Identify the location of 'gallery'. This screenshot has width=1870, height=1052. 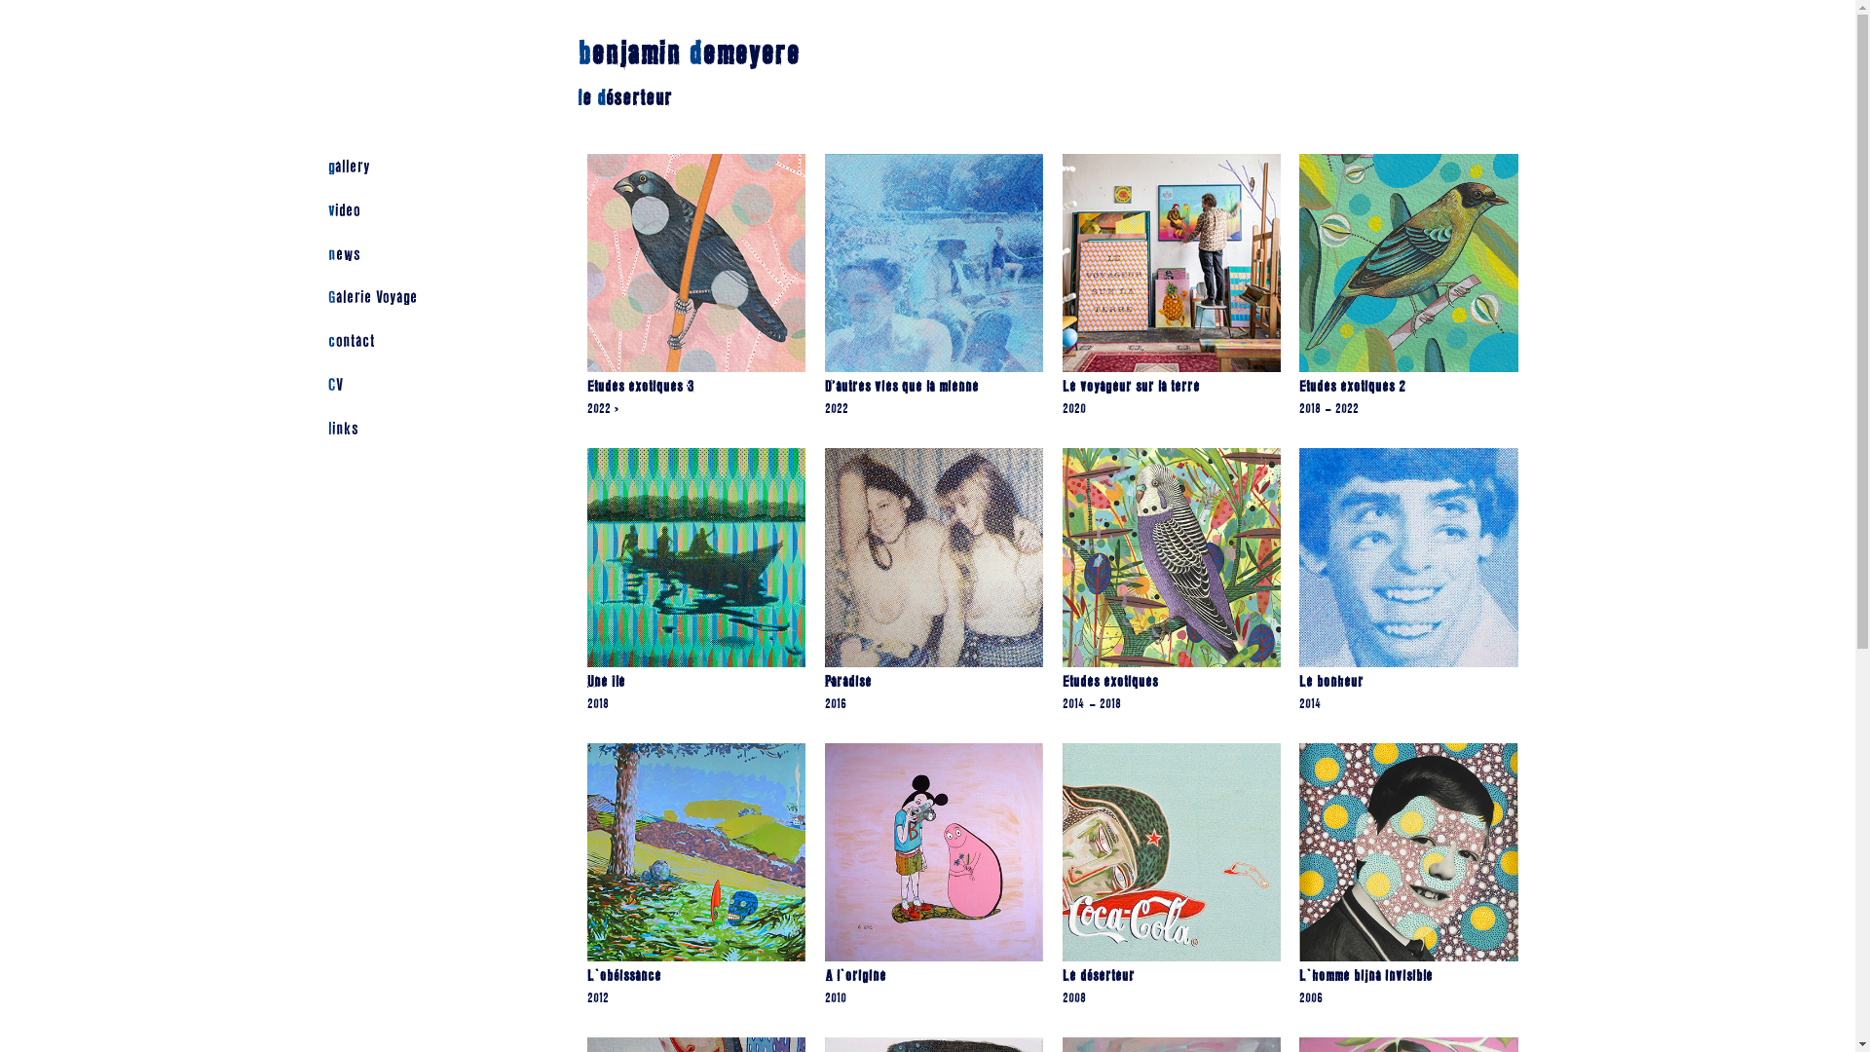
(426, 167).